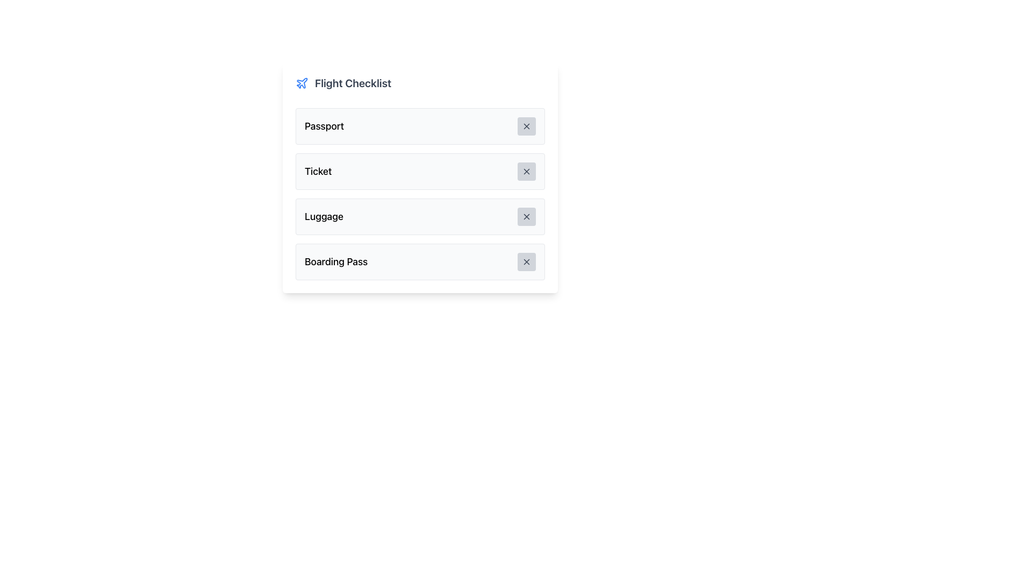 Image resolution: width=1032 pixels, height=581 pixels. What do you see at coordinates (526, 126) in the screenshot?
I see `the button located at the right end of the row labeled 'Passport' in the checklist` at bounding box center [526, 126].